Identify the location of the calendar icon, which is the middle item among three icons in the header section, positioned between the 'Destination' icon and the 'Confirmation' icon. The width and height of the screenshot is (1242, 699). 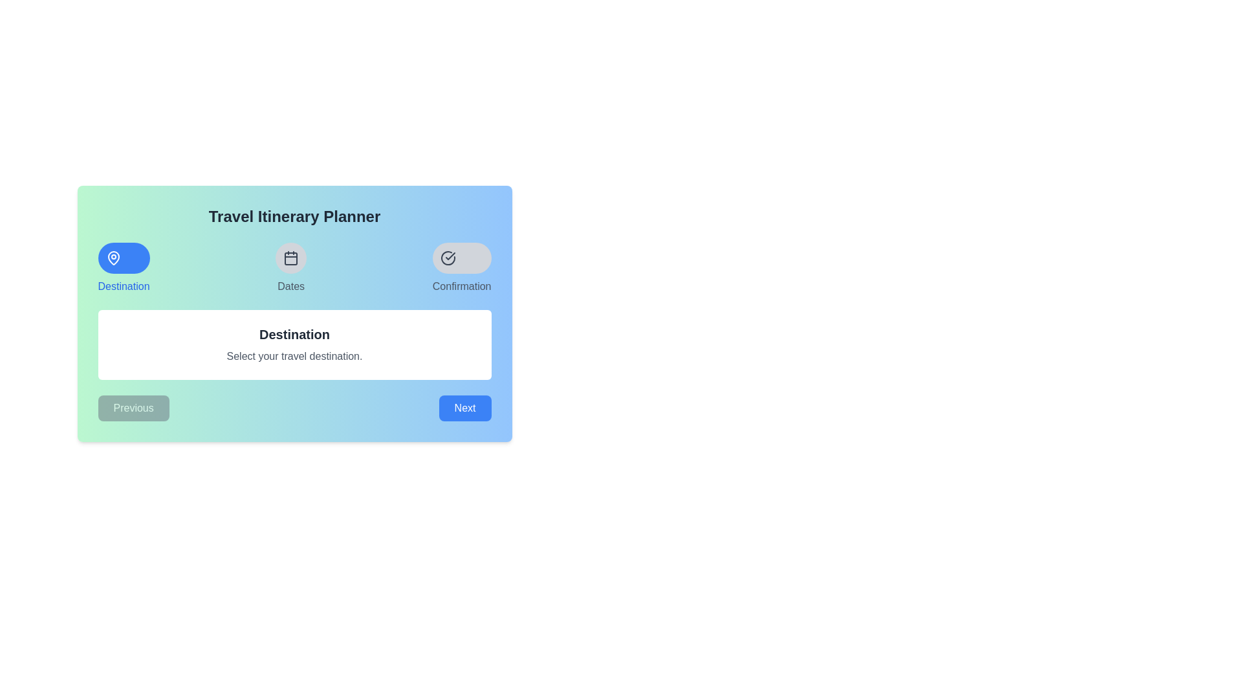
(290, 258).